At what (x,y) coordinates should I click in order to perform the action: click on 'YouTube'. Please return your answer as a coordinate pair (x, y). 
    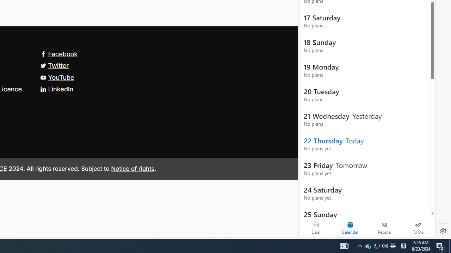
    Looking at the image, I should click on (57, 77).